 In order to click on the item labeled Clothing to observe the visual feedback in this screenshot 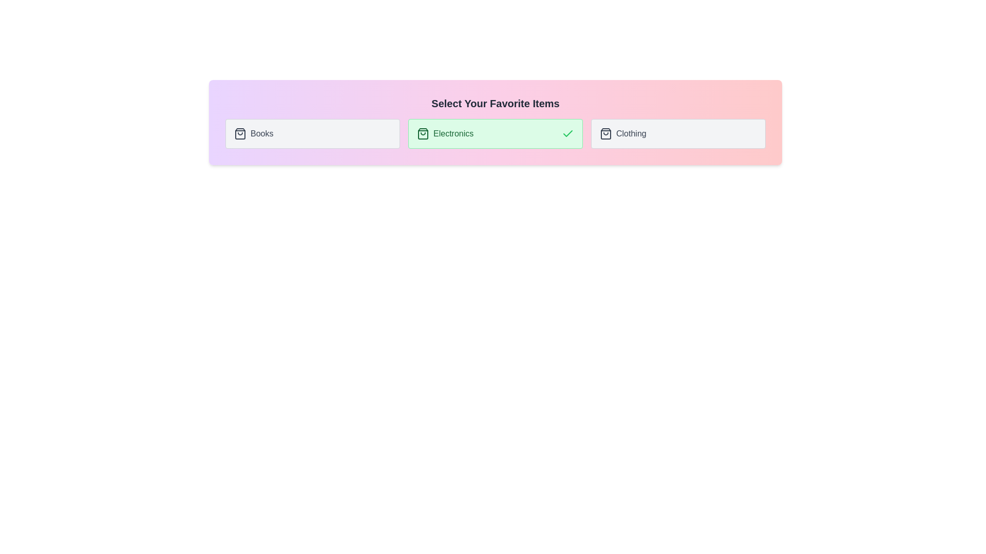, I will do `click(678, 133)`.